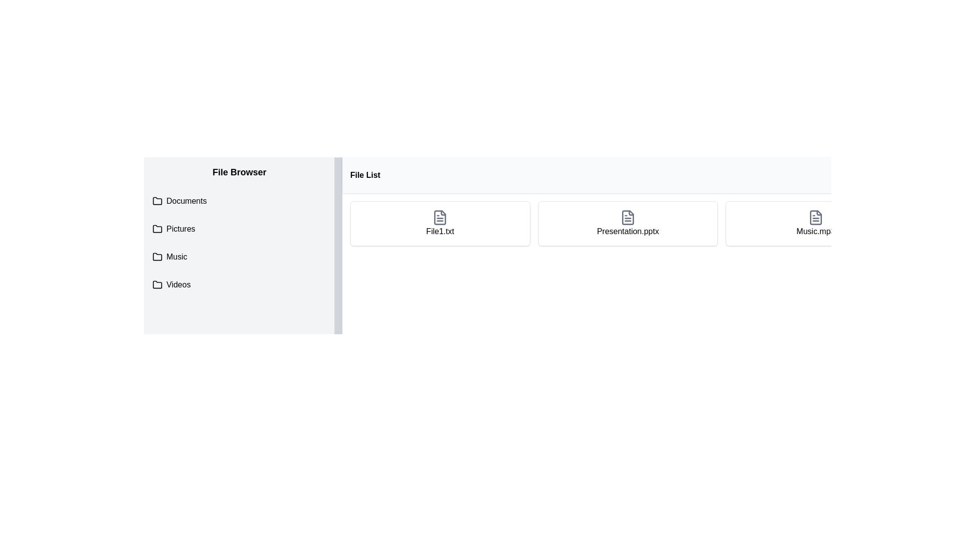 The height and width of the screenshot is (538, 957). I want to click on the folder icon element that is aligned with the 'Pictures' text label in the File Browser section, so click(157, 229).